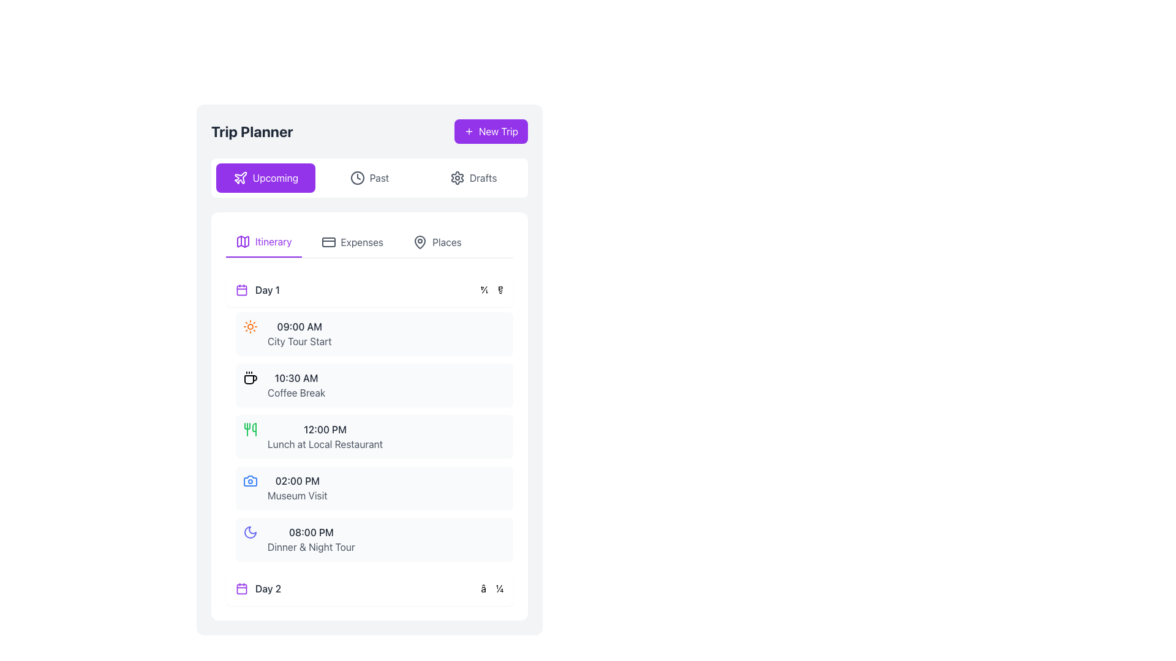 This screenshot has width=1176, height=661. I want to click on the upward-facing arrow icon next to the 'Day 1' label, so click(492, 290).